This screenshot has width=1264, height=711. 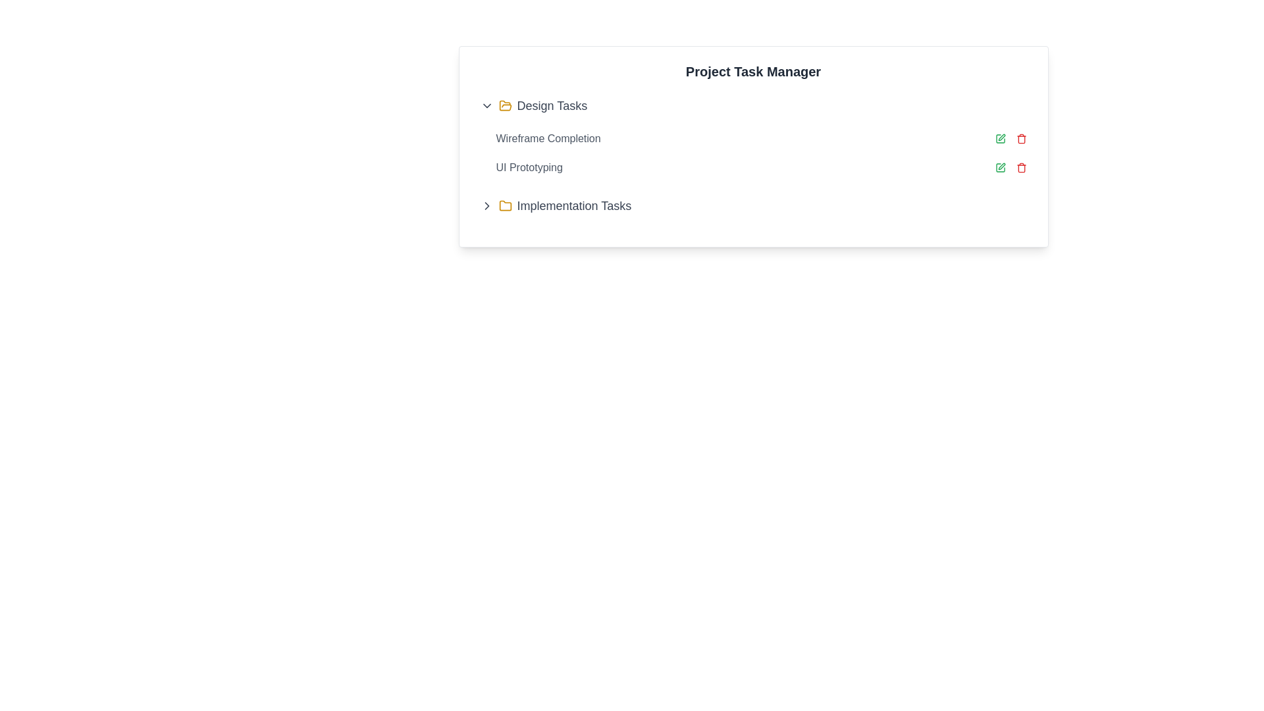 I want to click on the downward-pointing chevron icon located to the left of the 'Design Tasks' text in the navigation or menu header, so click(x=486, y=105).